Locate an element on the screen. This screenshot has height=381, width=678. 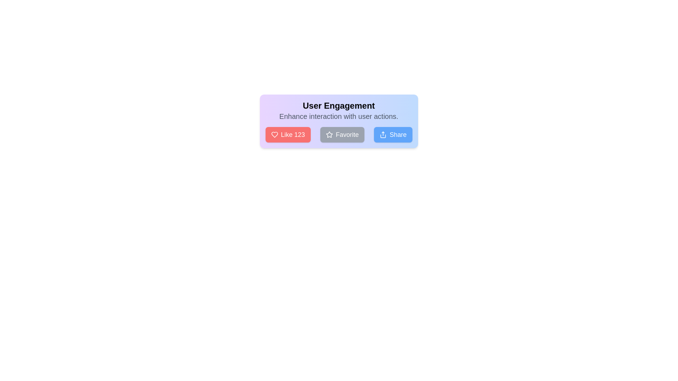
the share icon located within the 'Share' button, which is the third button from the left, to initiate a sharing action is located at coordinates (382, 134).